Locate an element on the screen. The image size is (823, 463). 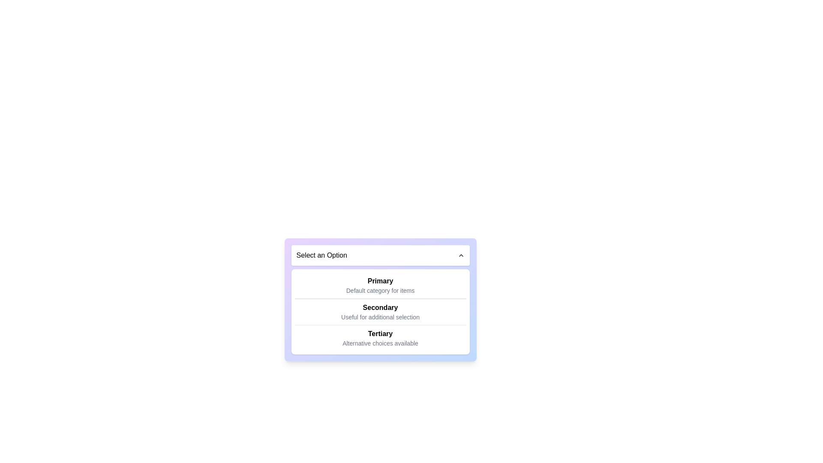
the text label 'Useful for additional selection' located directly underneath the 'Secondary' header in the dropdown menu is located at coordinates (380, 317).